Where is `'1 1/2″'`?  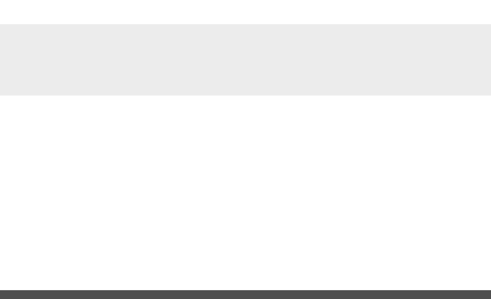 '1 1/2″' is located at coordinates (87, 226).